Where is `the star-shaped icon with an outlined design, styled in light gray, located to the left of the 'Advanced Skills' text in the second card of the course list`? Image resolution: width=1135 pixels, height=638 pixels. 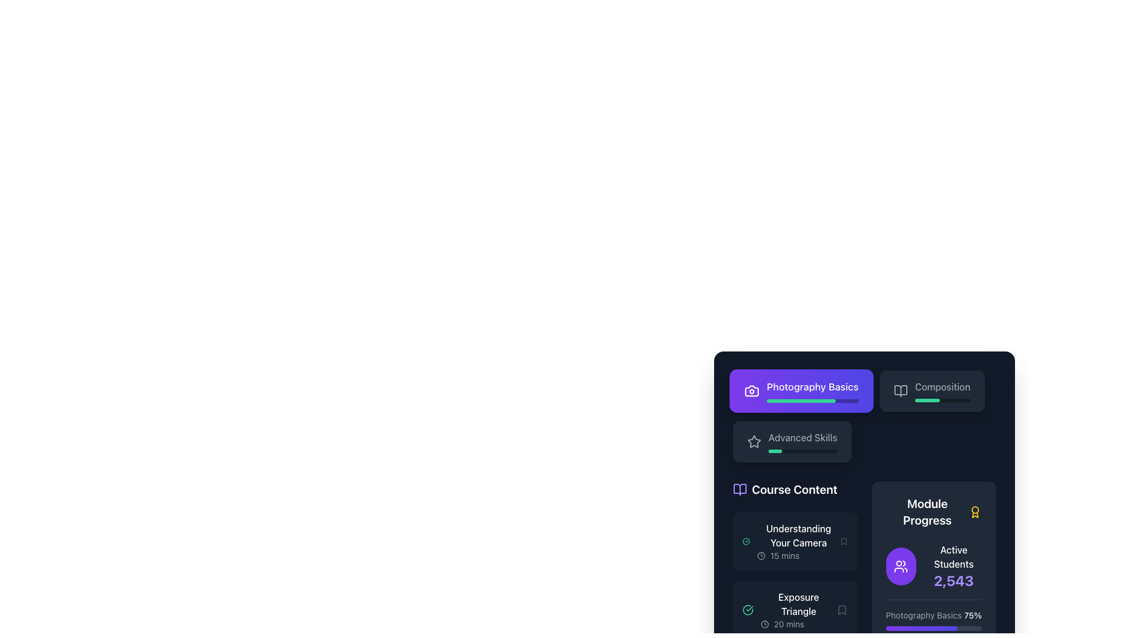 the star-shaped icon with an outlined design, styled in light gray, located to the left of the 'Advanced Skills' text in the second card of the course list is located at coordinates (754, 442).